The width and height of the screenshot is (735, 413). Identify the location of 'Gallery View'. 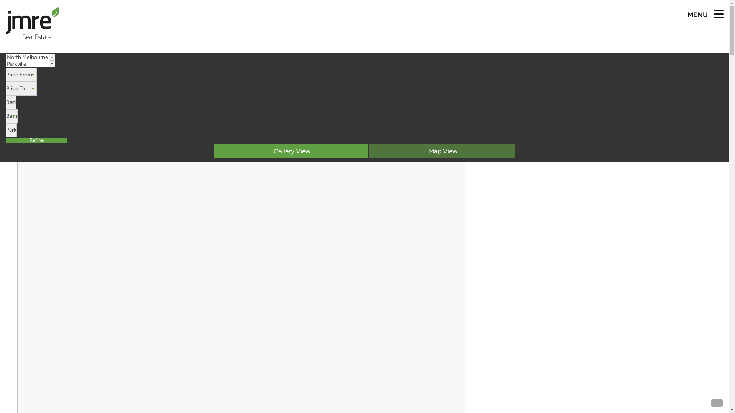
(291, 151).